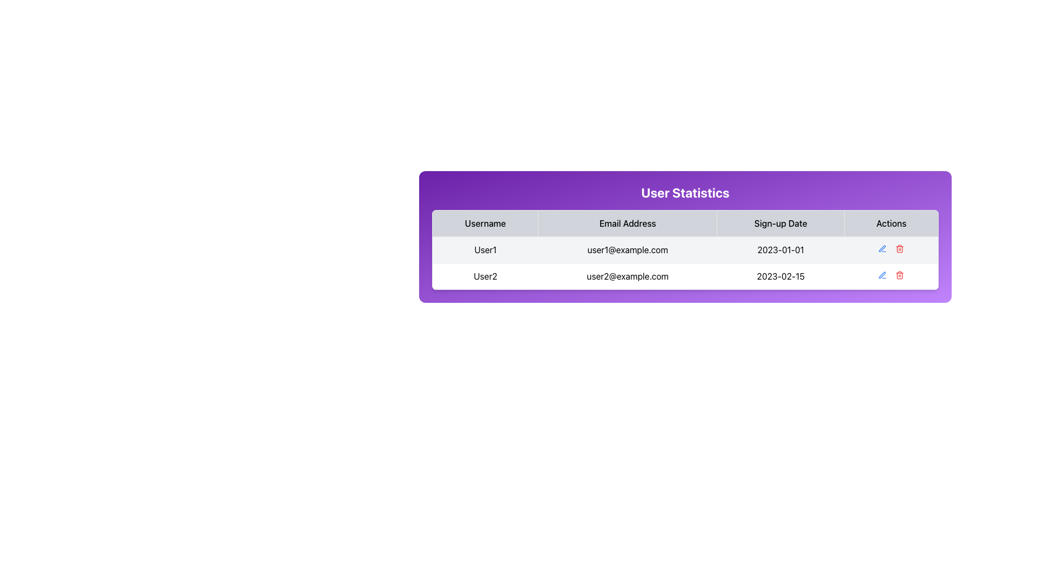 The width and height of the screenshot is (1037, 583). Describe the element at coordinates (628, 276) in the screenshot. I see `the non-interactive email address display for 'User2' in the statistics table, located in the second column of the second row under the 'Email Address' header` at that location.